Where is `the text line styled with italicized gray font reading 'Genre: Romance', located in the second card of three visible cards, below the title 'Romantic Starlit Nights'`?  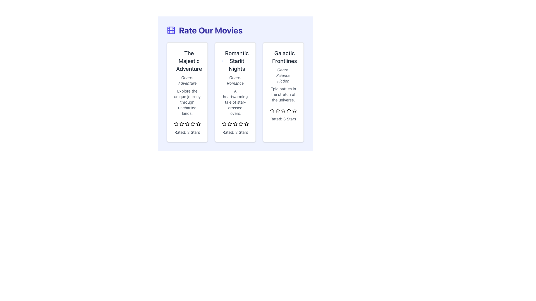 the text line styled with italicized gray font reading 'Genre: Romance', located in the second card of three visible cards, below the title 'Romantic Starlit Nights' is located at coordinates (235, 81).